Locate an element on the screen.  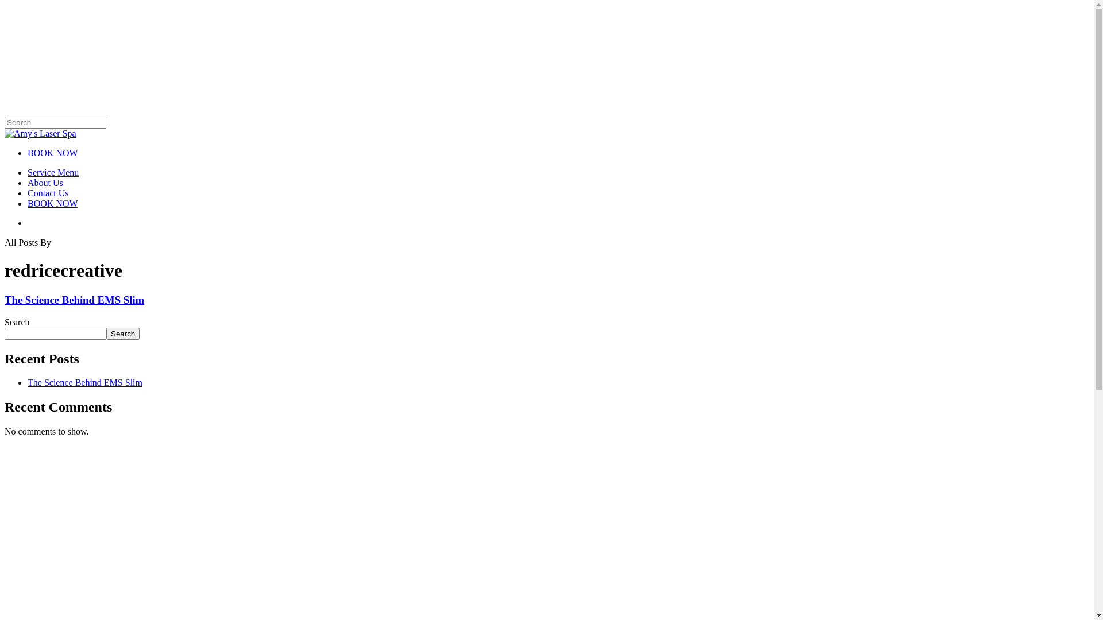
'Search' is located at coordinates (123, 334).